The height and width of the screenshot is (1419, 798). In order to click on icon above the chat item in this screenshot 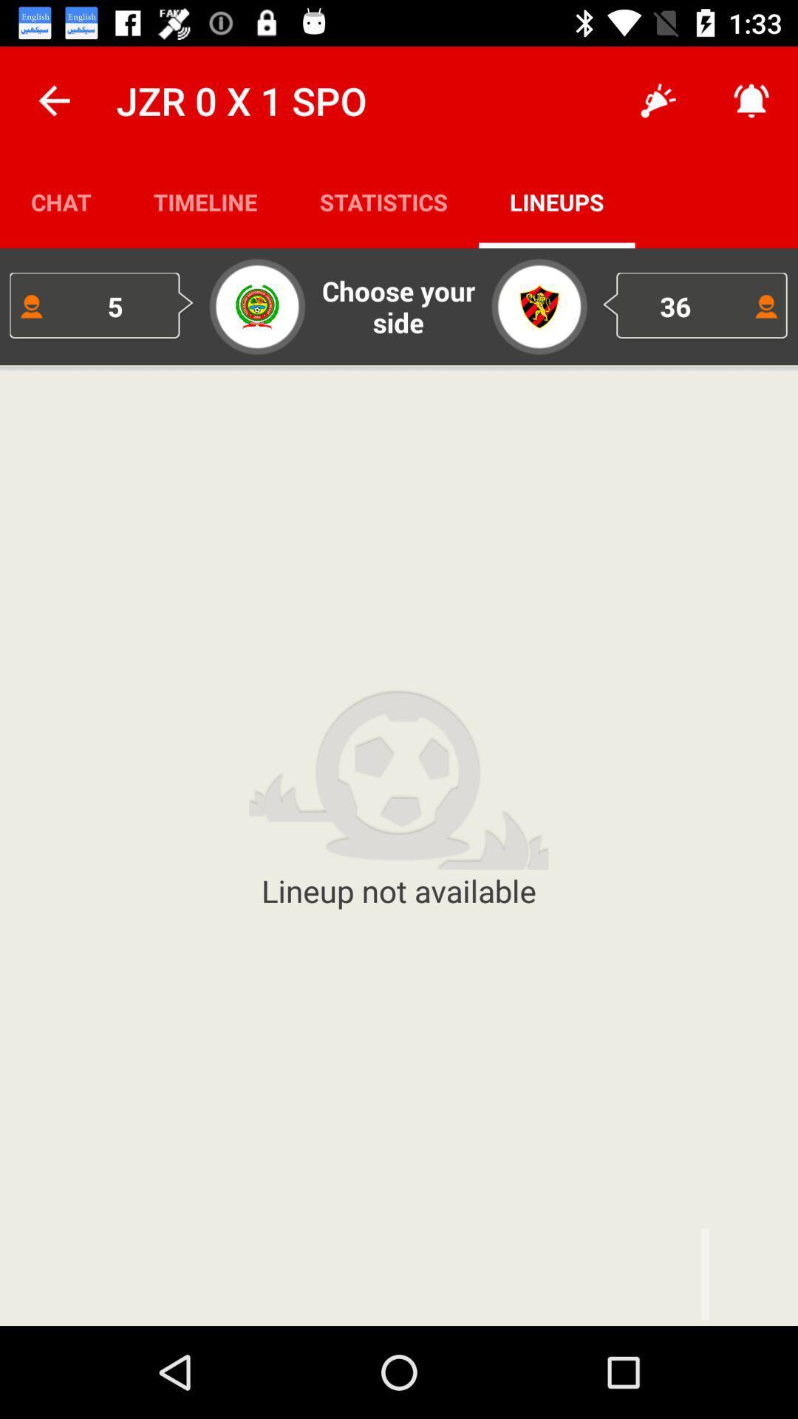, I will do `click(53, 100)`.